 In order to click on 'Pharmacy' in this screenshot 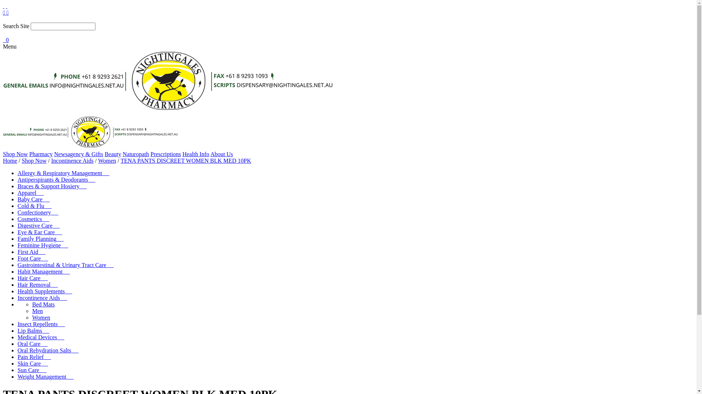, I will do `click(40, 154)`.